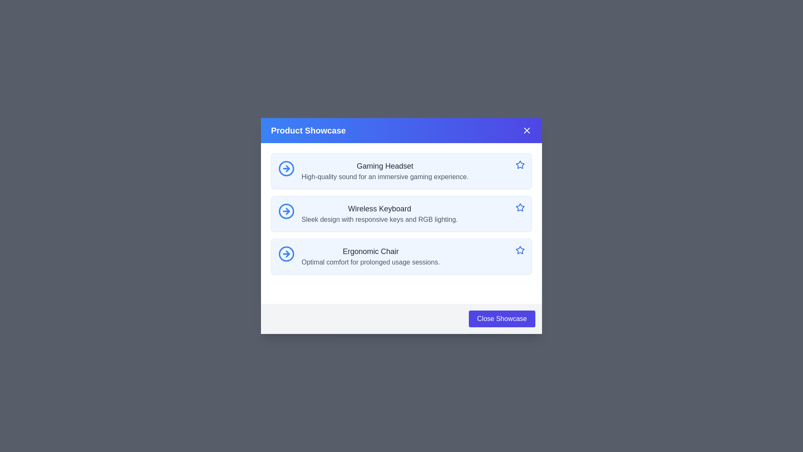  Describe the element at coordinates (401, 170) in the screenshot. I see `the topmost card in the 'Product Showcase' section that represents the 'Gaming Headset' product` at that location.